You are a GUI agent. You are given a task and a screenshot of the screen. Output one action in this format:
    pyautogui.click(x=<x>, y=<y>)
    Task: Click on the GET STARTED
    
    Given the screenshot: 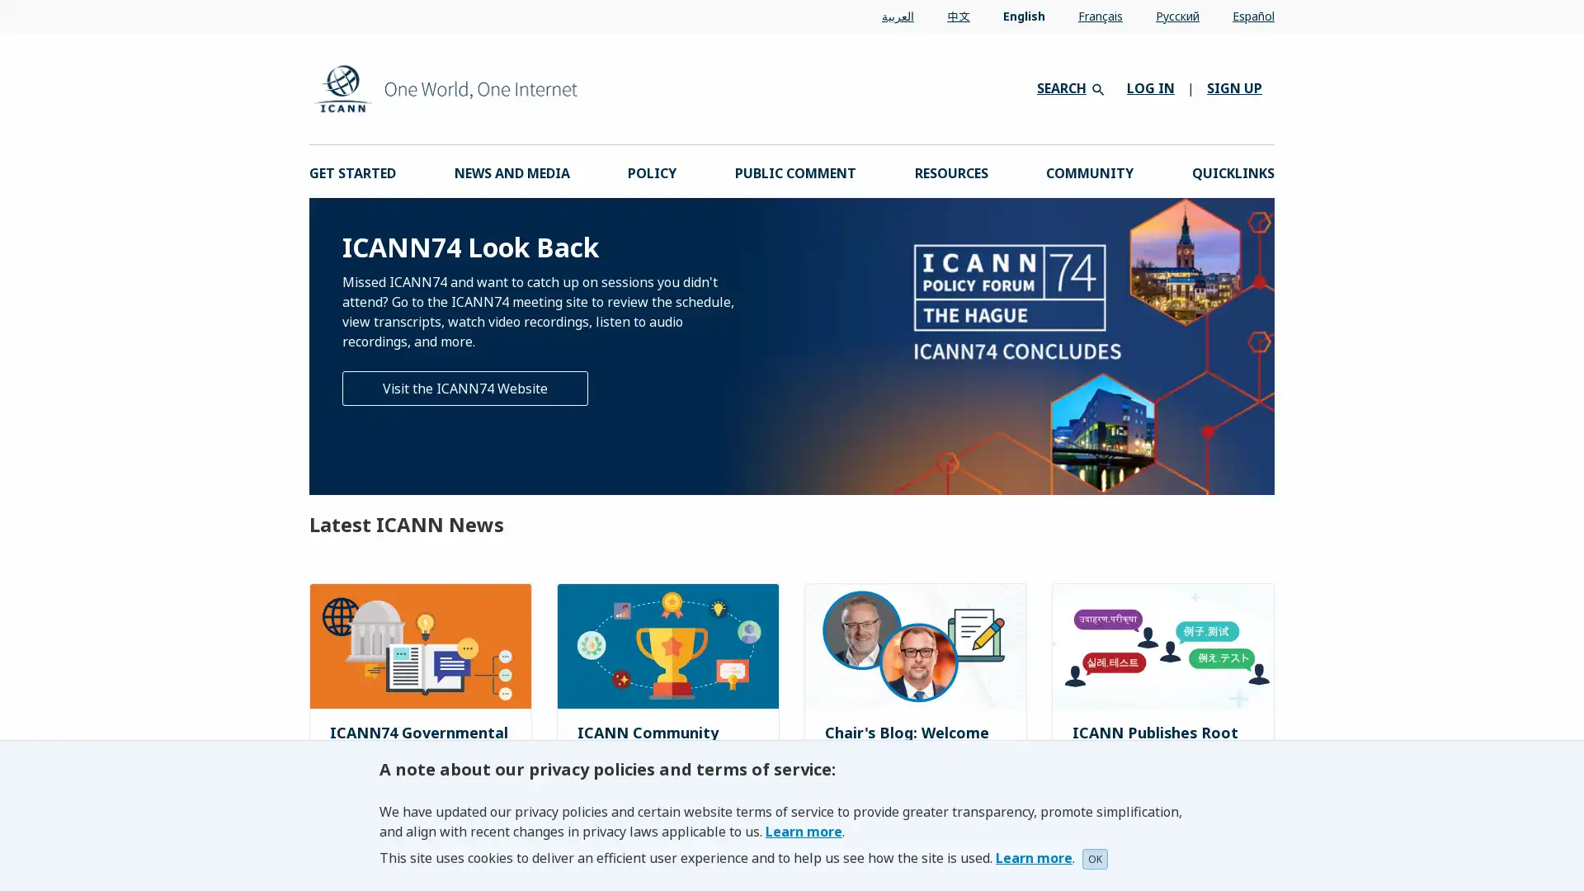 What is the action you would take?
    pyautogui.click(x=351, y=172)
    